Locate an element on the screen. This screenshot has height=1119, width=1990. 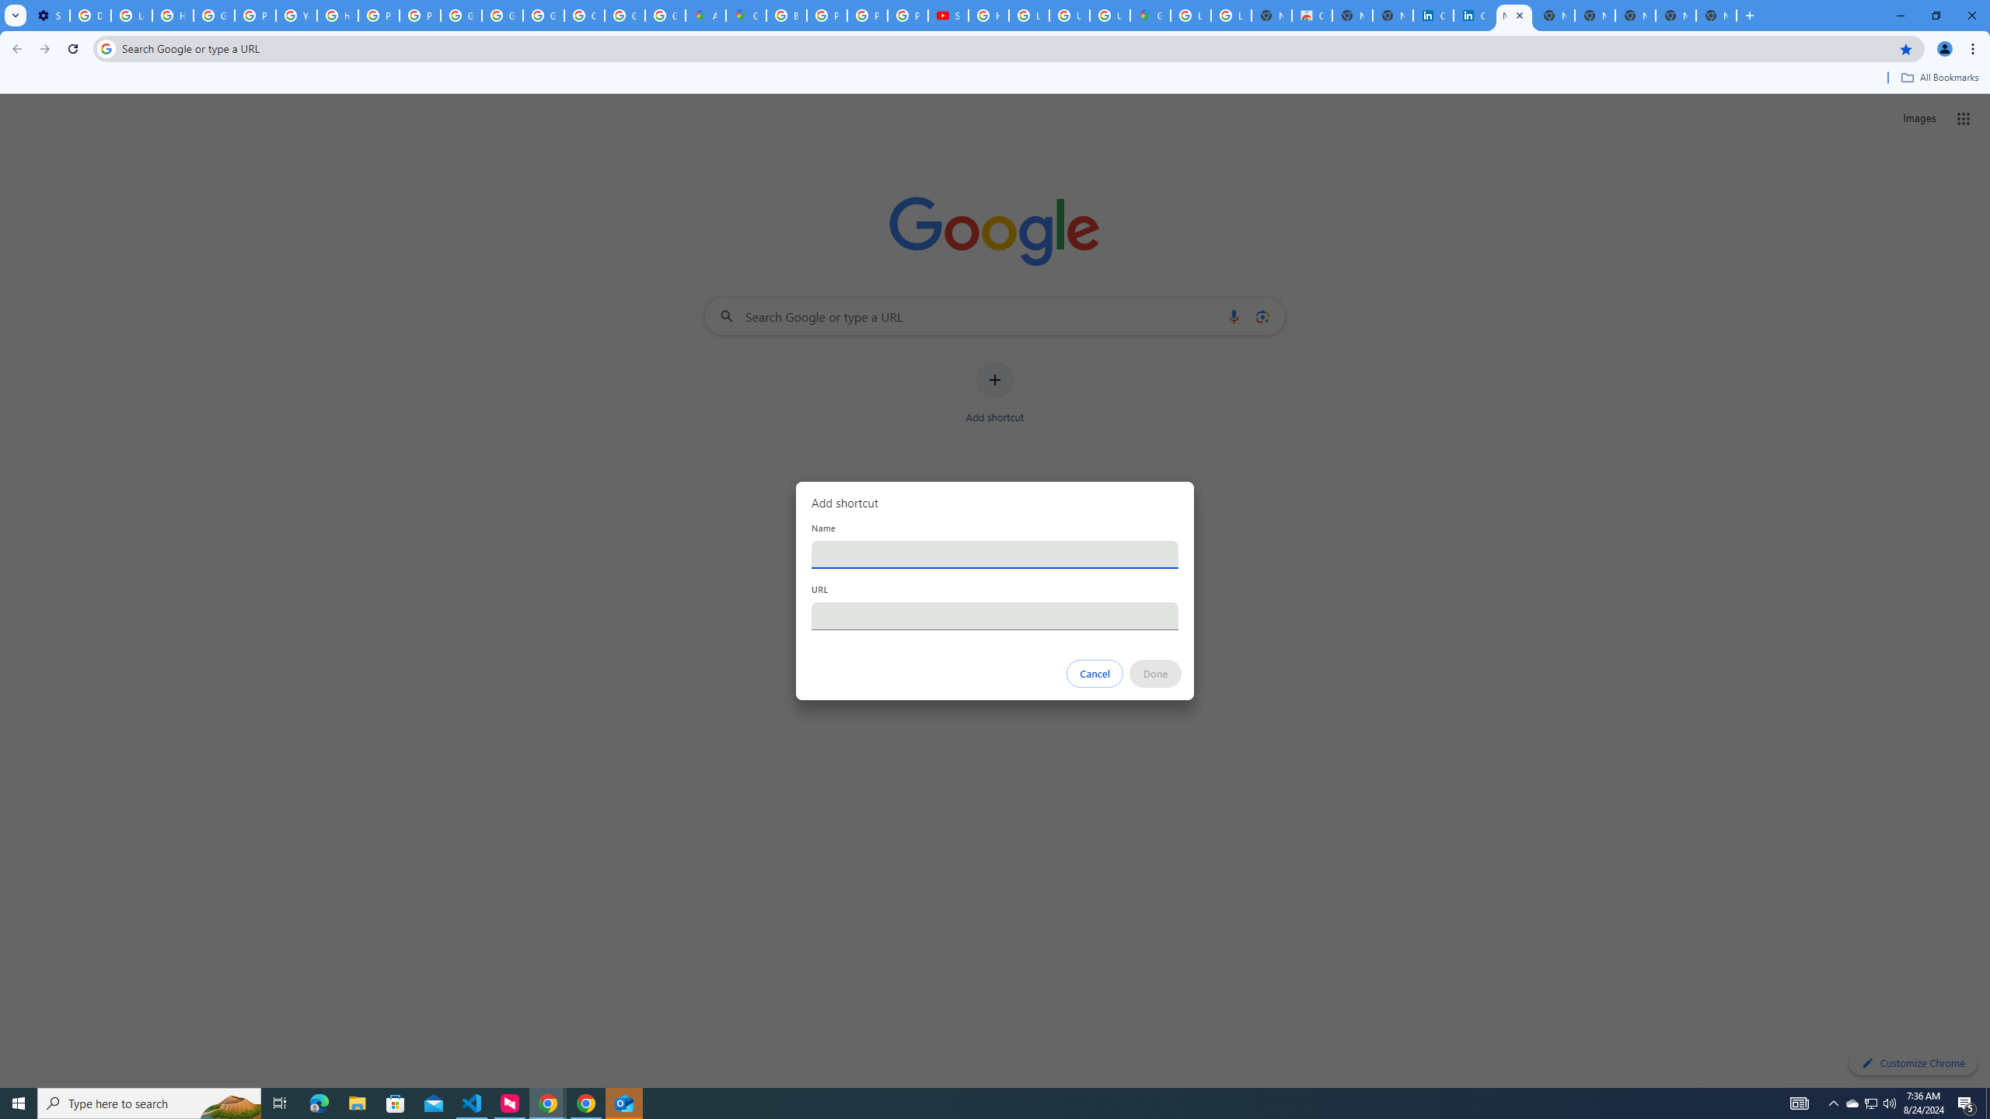
'YouTube' is located at coordinates (295, 15).